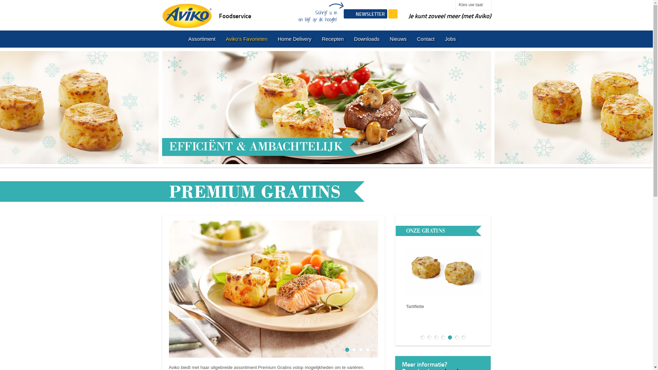  Describe the element at coordinates (462, 337) in the screenshot. I see `'7'` at that location.